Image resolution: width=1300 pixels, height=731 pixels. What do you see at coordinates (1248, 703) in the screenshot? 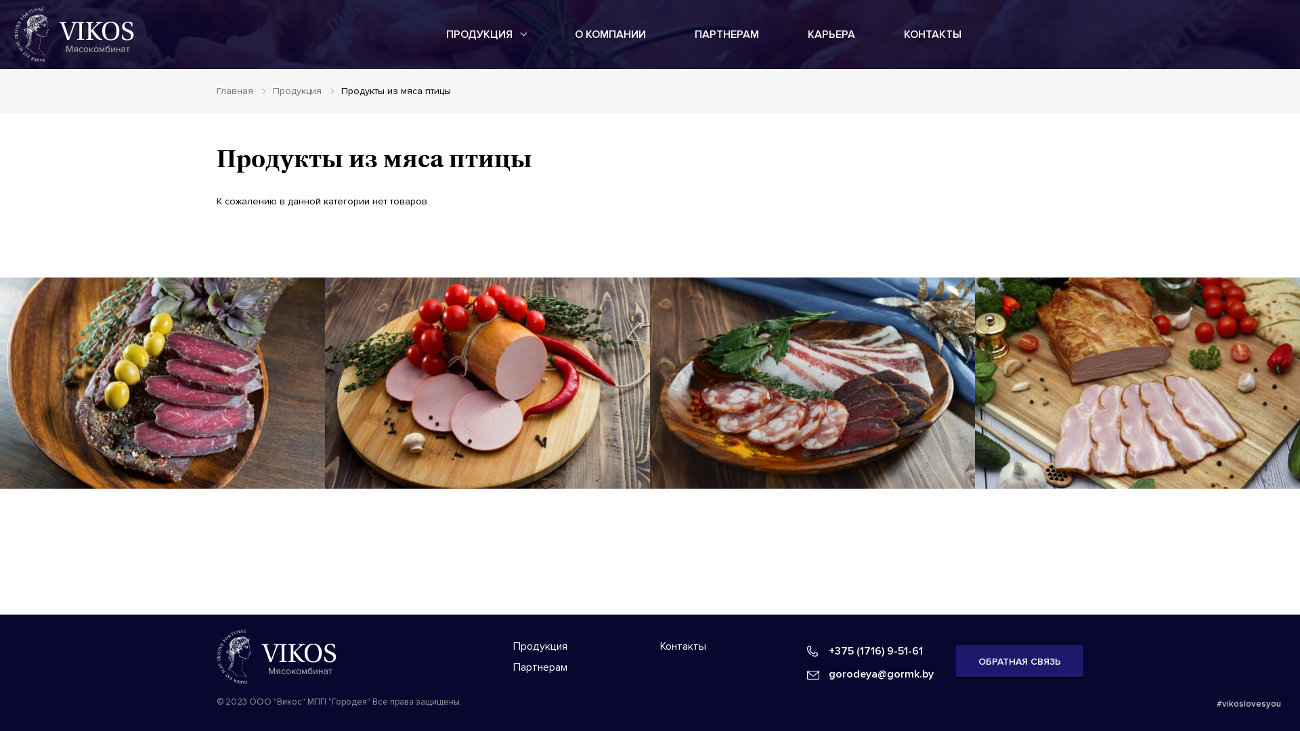
I see `'#vikoslovesyou'` at bounding box center [1248, 703].